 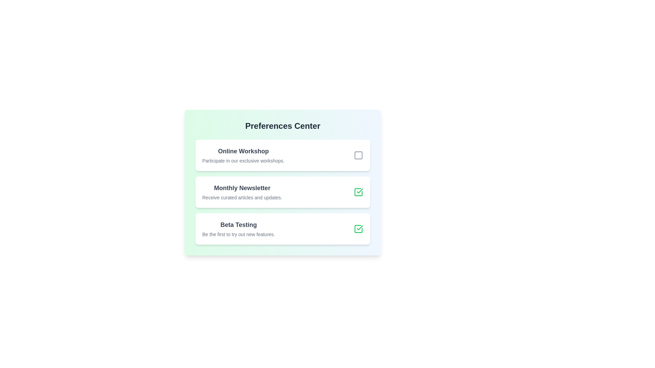 What do you see at coordinates (283, 126) in the screenshot?
I see `the Text Display element that serves as a title or header for the section, positioned above 'Online Workshop', 'Monthly Newsletter', and 'Beta Testing'` at bounding box center [283, 126].